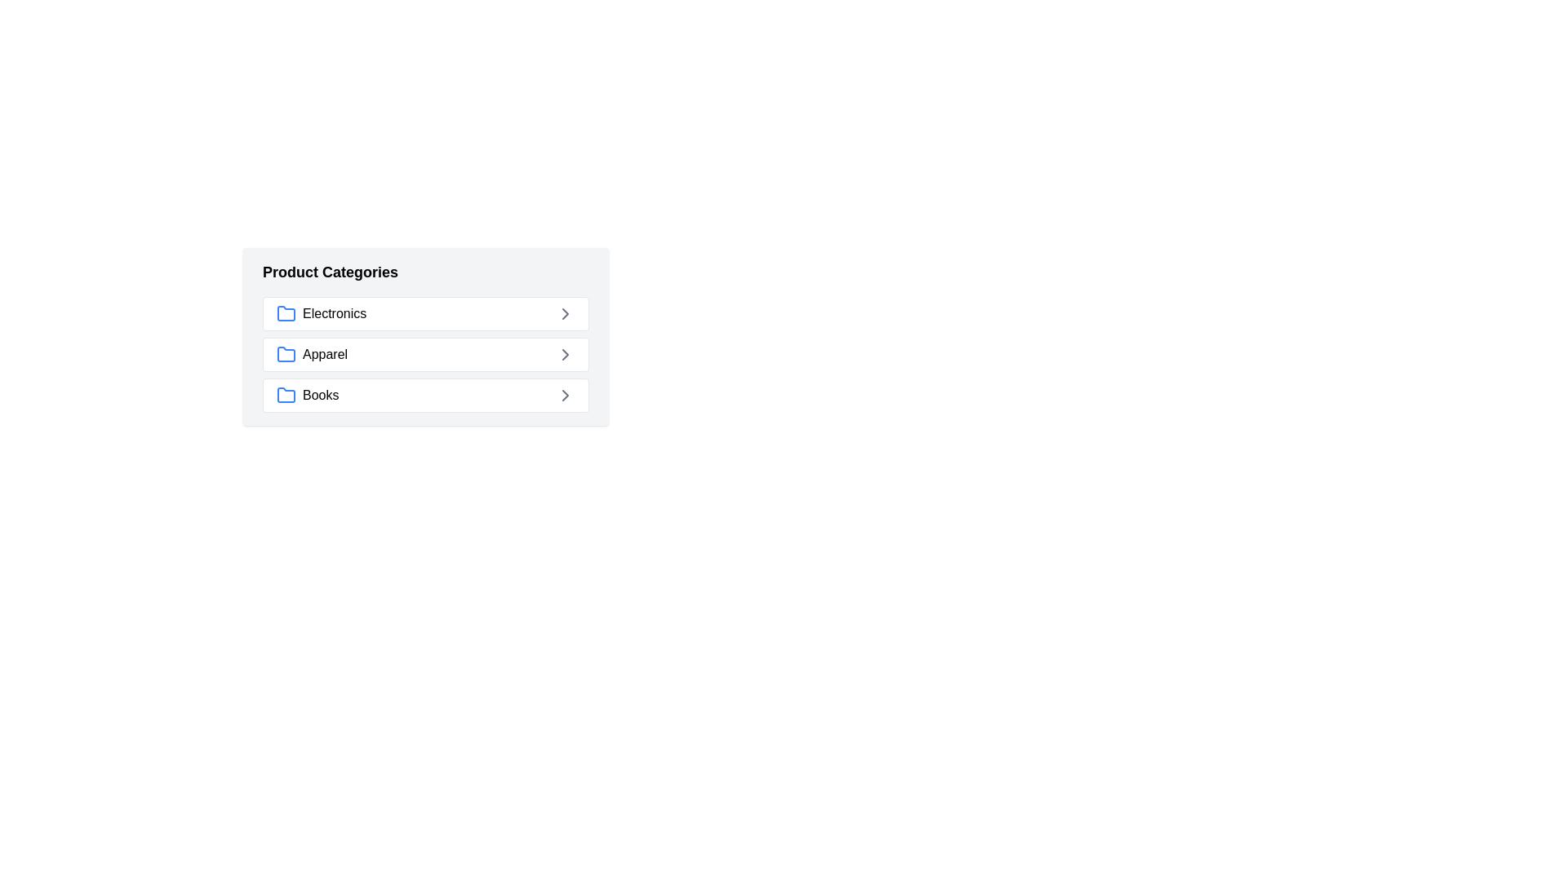  Describe the element at coordinates (286, 314) in the screenshot. I see `the blue folder icon representing the 'Electronics' category` at that location.